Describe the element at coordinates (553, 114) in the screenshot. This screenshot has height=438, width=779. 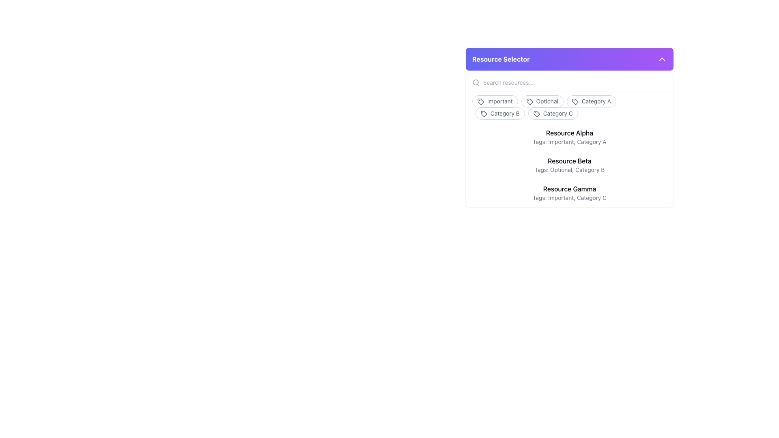
I see `the fifth button in the row of category selectors` at that location.